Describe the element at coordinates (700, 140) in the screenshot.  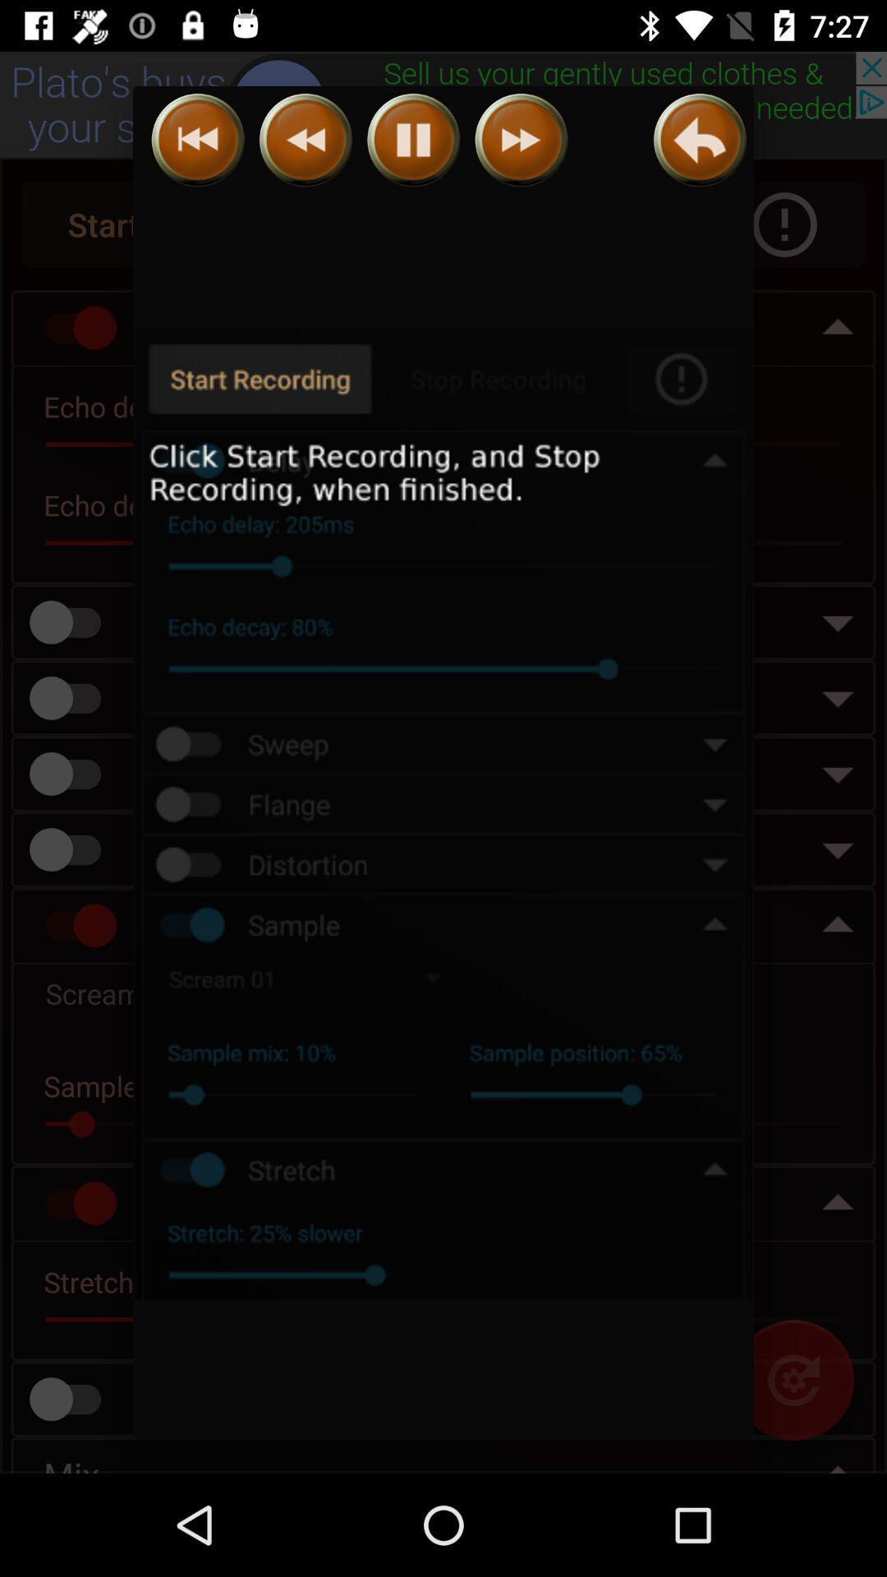
I see `the icon at the top right corner` at that location.